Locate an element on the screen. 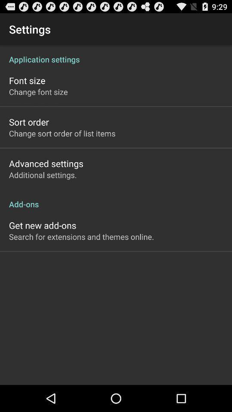 The width and height of the screenshot is (232, 412). the item below add-ons is located at coordinates (42, 225).